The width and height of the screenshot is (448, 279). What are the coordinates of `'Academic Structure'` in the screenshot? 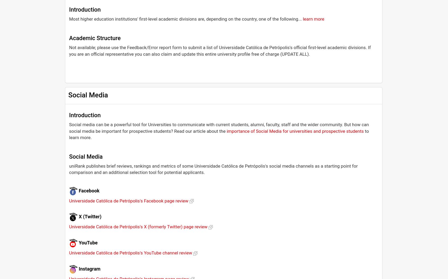 It's located at (94, 37).